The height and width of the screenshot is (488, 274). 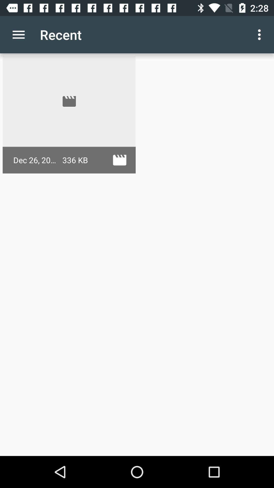 What do you see at coordinates (18, 34) in the screenshot?
I see `the app next to the recent` at bounding box center [18, 34].